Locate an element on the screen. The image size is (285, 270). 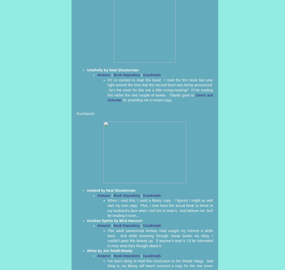
'Purchased:' is located at coordinates (77, 113).